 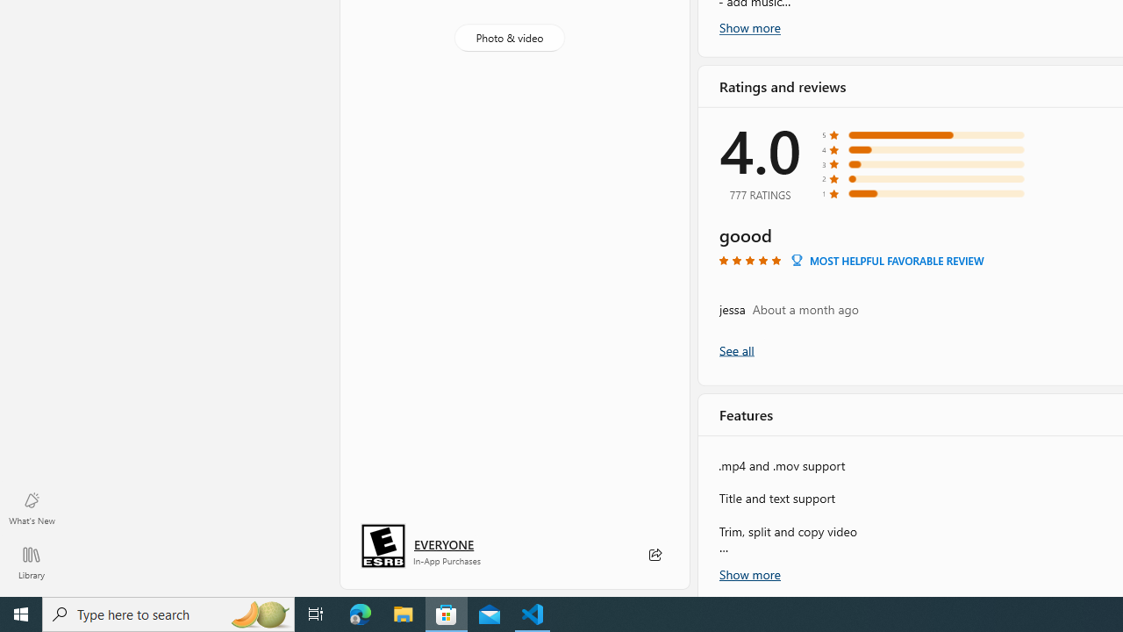 I want to click on 'Library', so click(x=31, y=562).